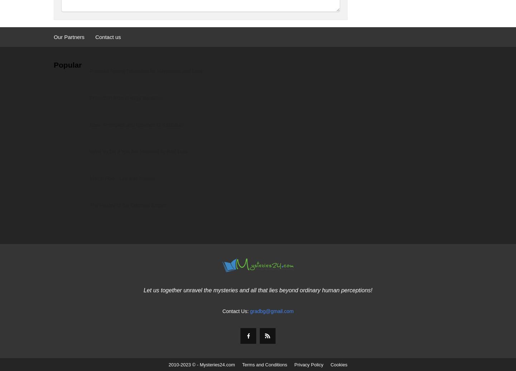 The width and height of the screenshot is (516, 371). Describe the element at coordinates (339, 365) in the screenshot. I see `'Cookies'` at that location.